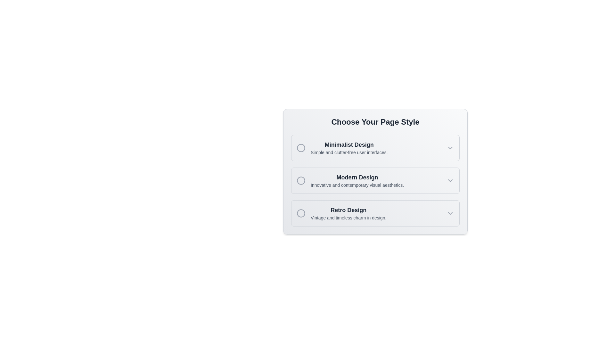 This screenshot has width=615, height=346. Describe the element at coordinates (301, 148) in the screenshot. I see `selected state circle icon representing the 'Minimalist Design' option for debugging` at that location.